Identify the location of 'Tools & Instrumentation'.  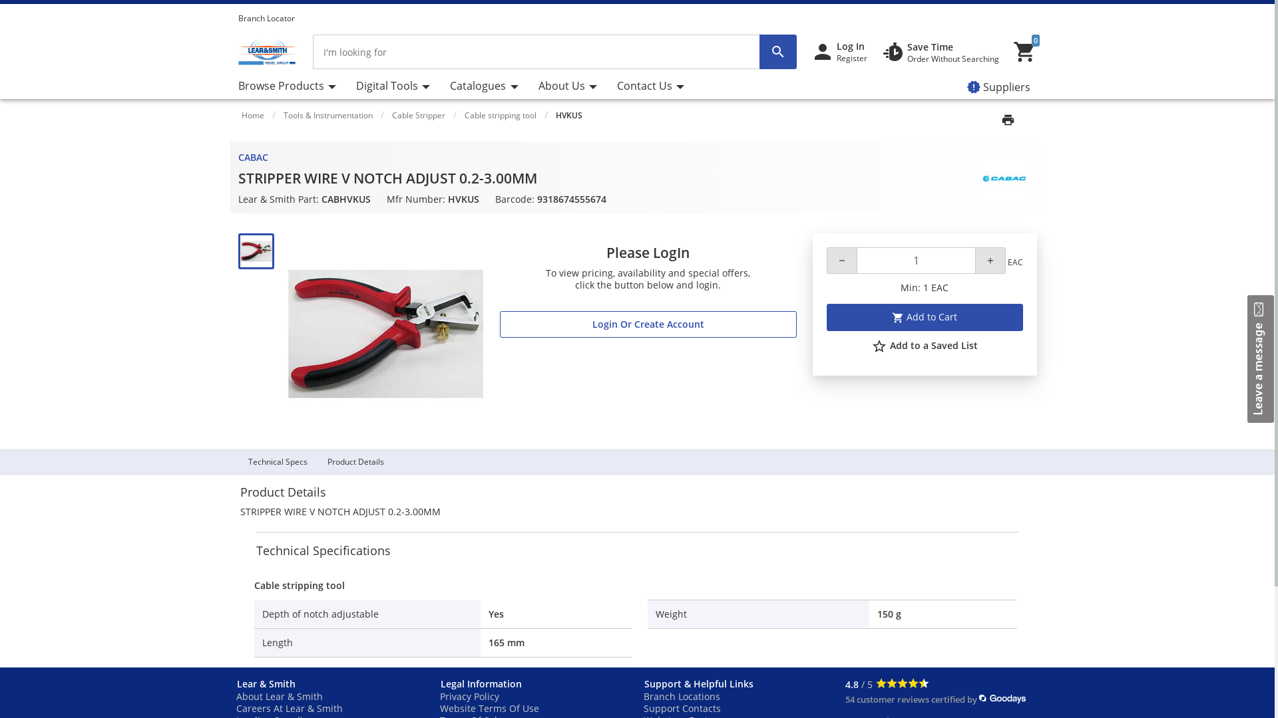
(328, 114).